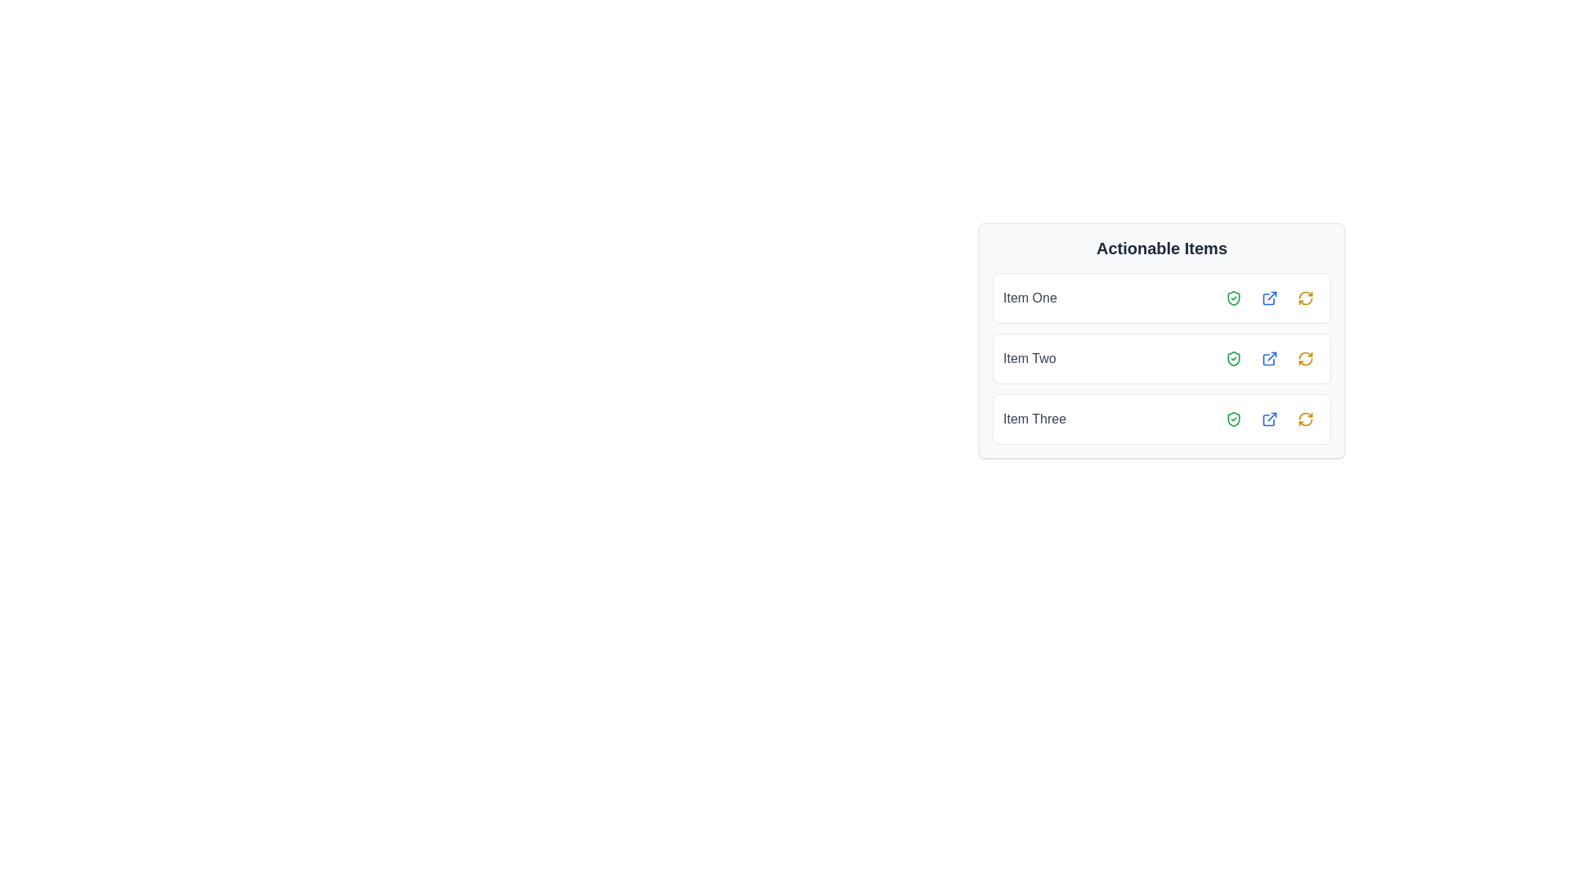  Describe the element at coordinates (1269, 419) in the screenshot. I see `the second icon on the right within the 'Actionable Items' list for 'Item Three'` at that location.